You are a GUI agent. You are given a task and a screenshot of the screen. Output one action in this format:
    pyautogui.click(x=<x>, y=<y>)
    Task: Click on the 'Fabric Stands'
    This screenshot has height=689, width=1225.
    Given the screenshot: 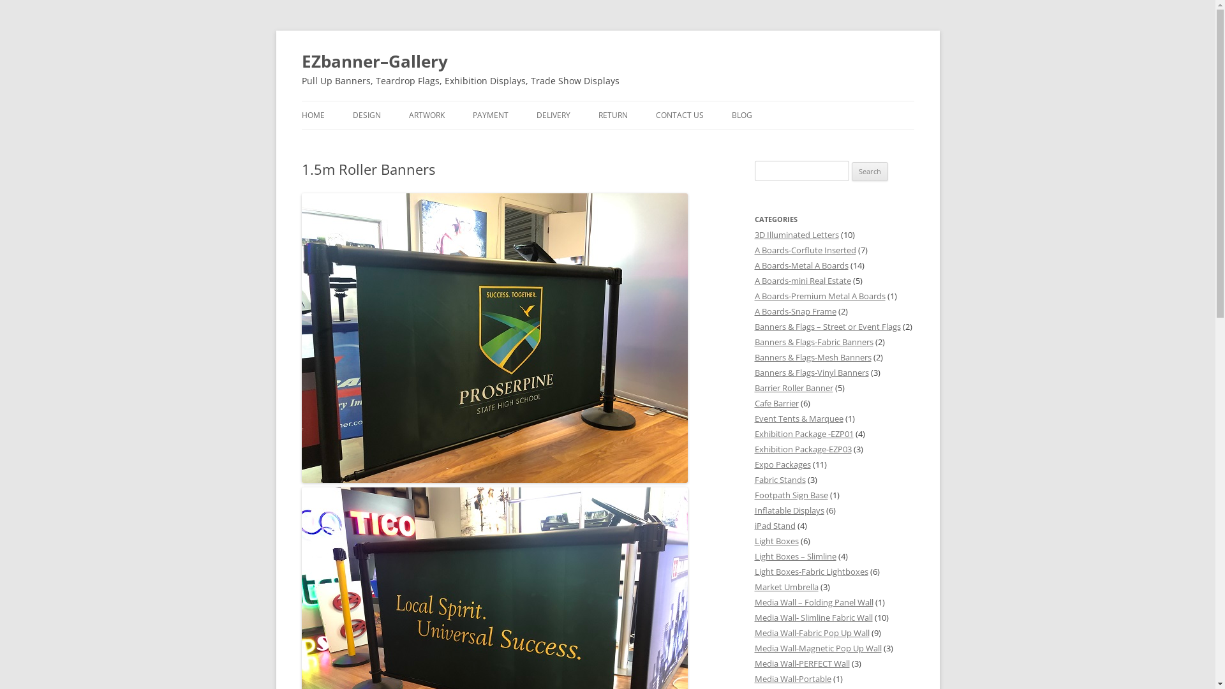 What is the action you would take?
    pyautogui.click(x=779, y=480)
    